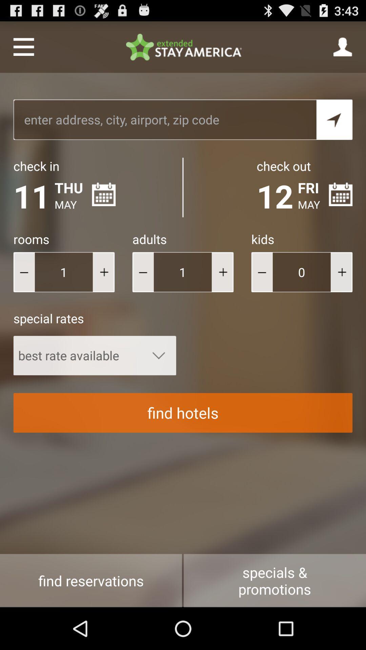  Describe the element at coordinates (165, 120) in the screenshot. I see `text to search` at that location.